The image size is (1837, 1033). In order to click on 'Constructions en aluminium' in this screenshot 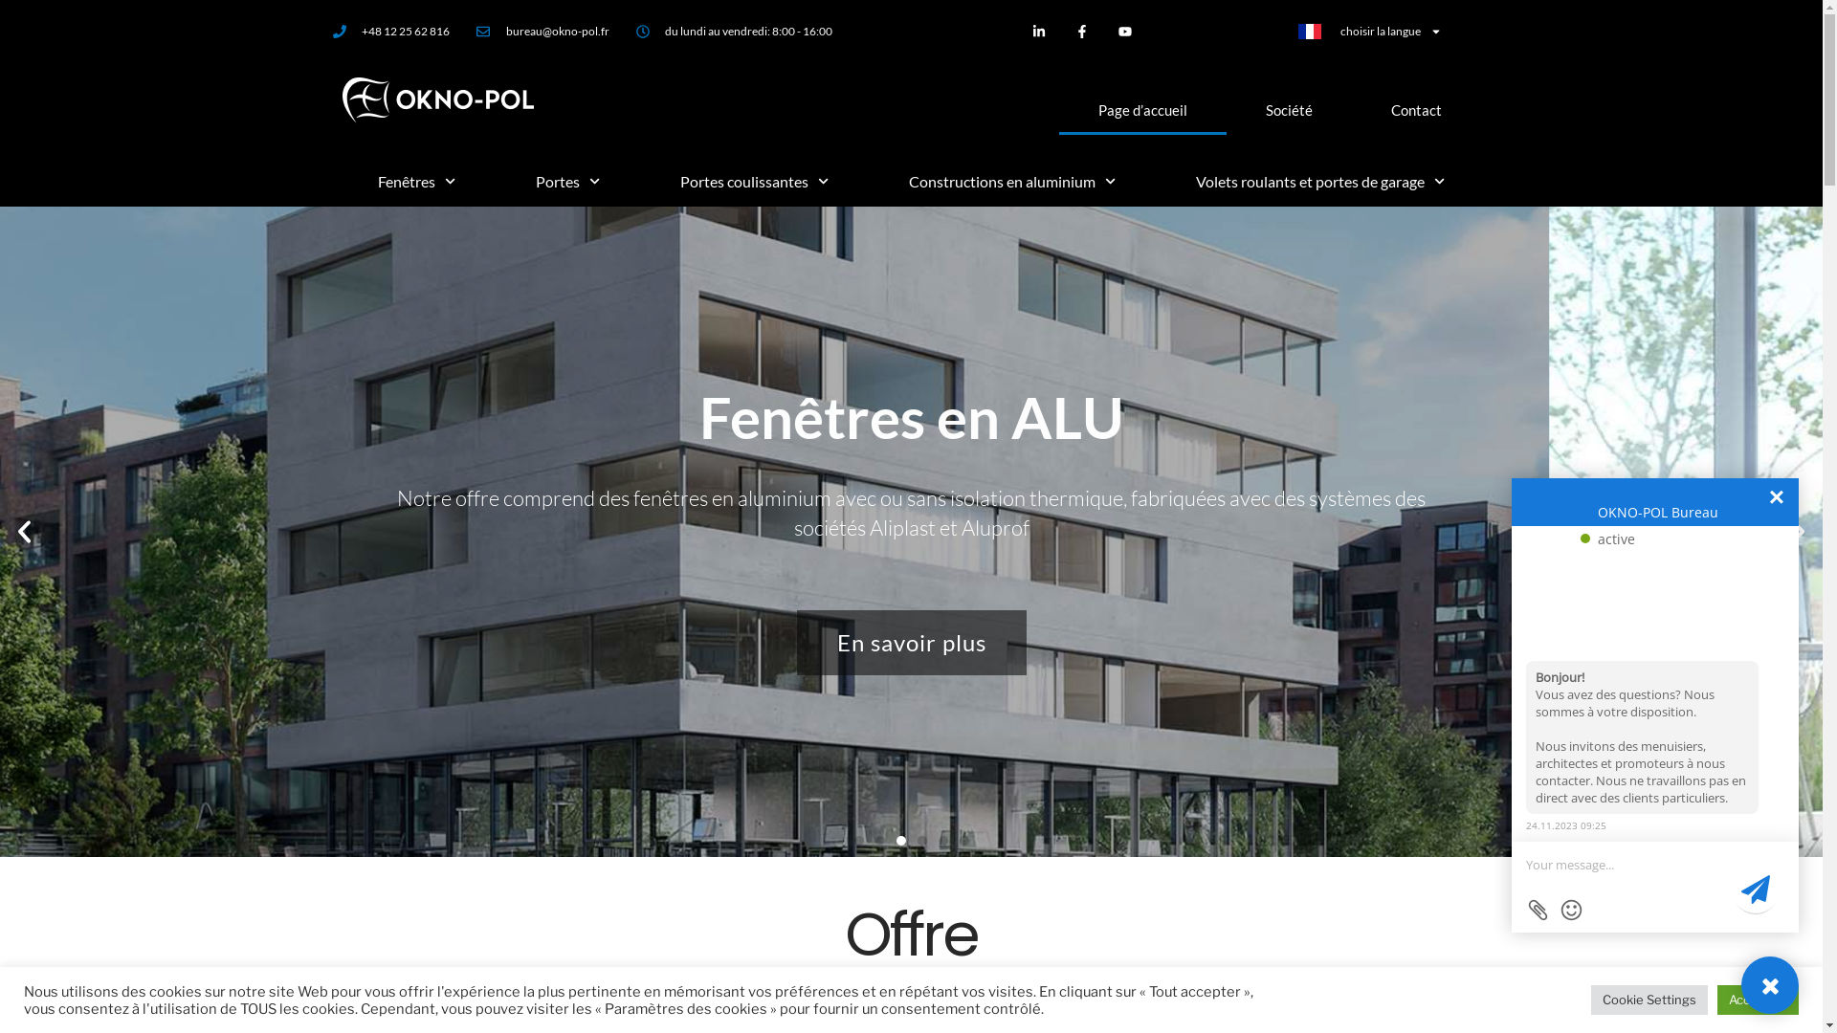, I will do `click(1010, 181)`.